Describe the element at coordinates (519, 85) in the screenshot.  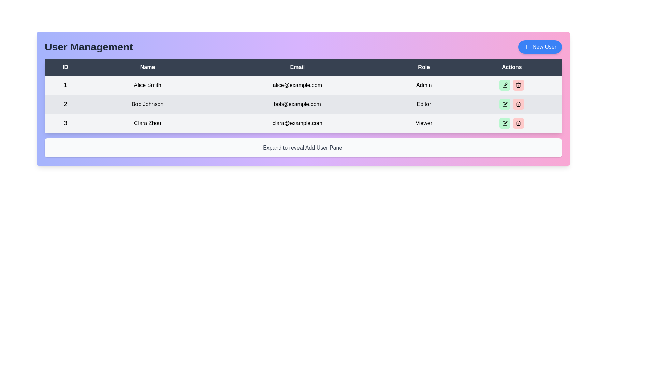
I see `the delete button located in the 'Actions' column of the first row in the user management table` at that location.